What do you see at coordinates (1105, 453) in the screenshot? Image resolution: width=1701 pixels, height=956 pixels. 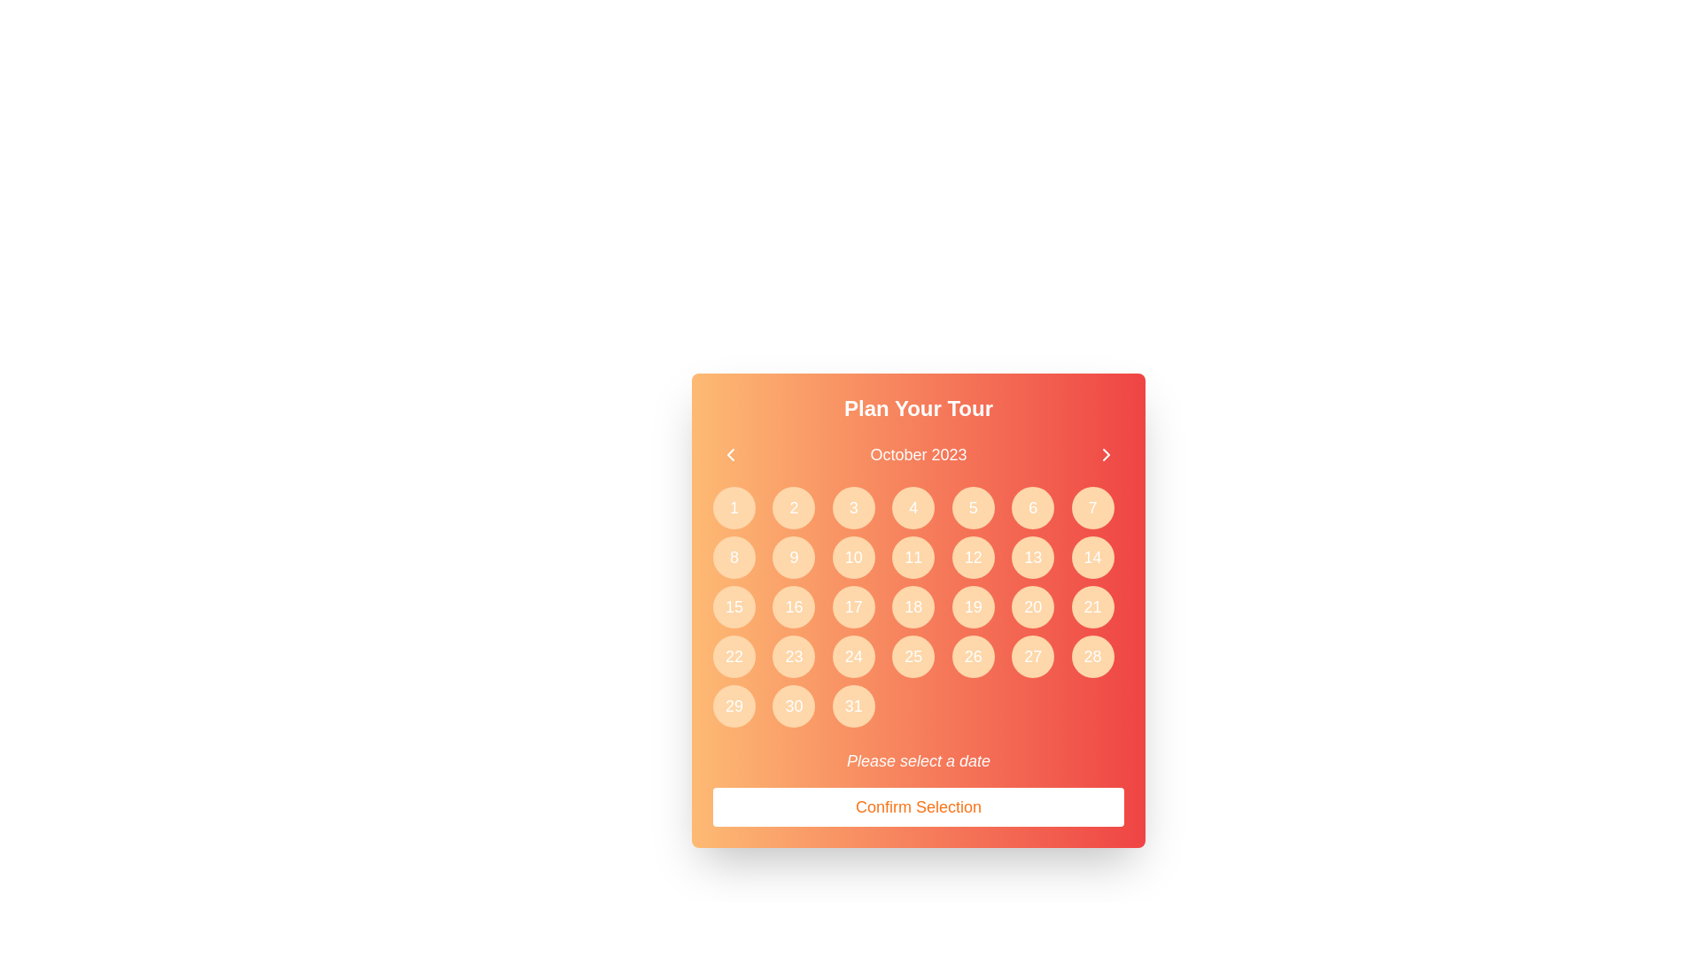 I see `the navigation control icon that advances the calendar view to the next month, located to the right of 'October 2023' in the red header section` at bounding box center [1105, 453].